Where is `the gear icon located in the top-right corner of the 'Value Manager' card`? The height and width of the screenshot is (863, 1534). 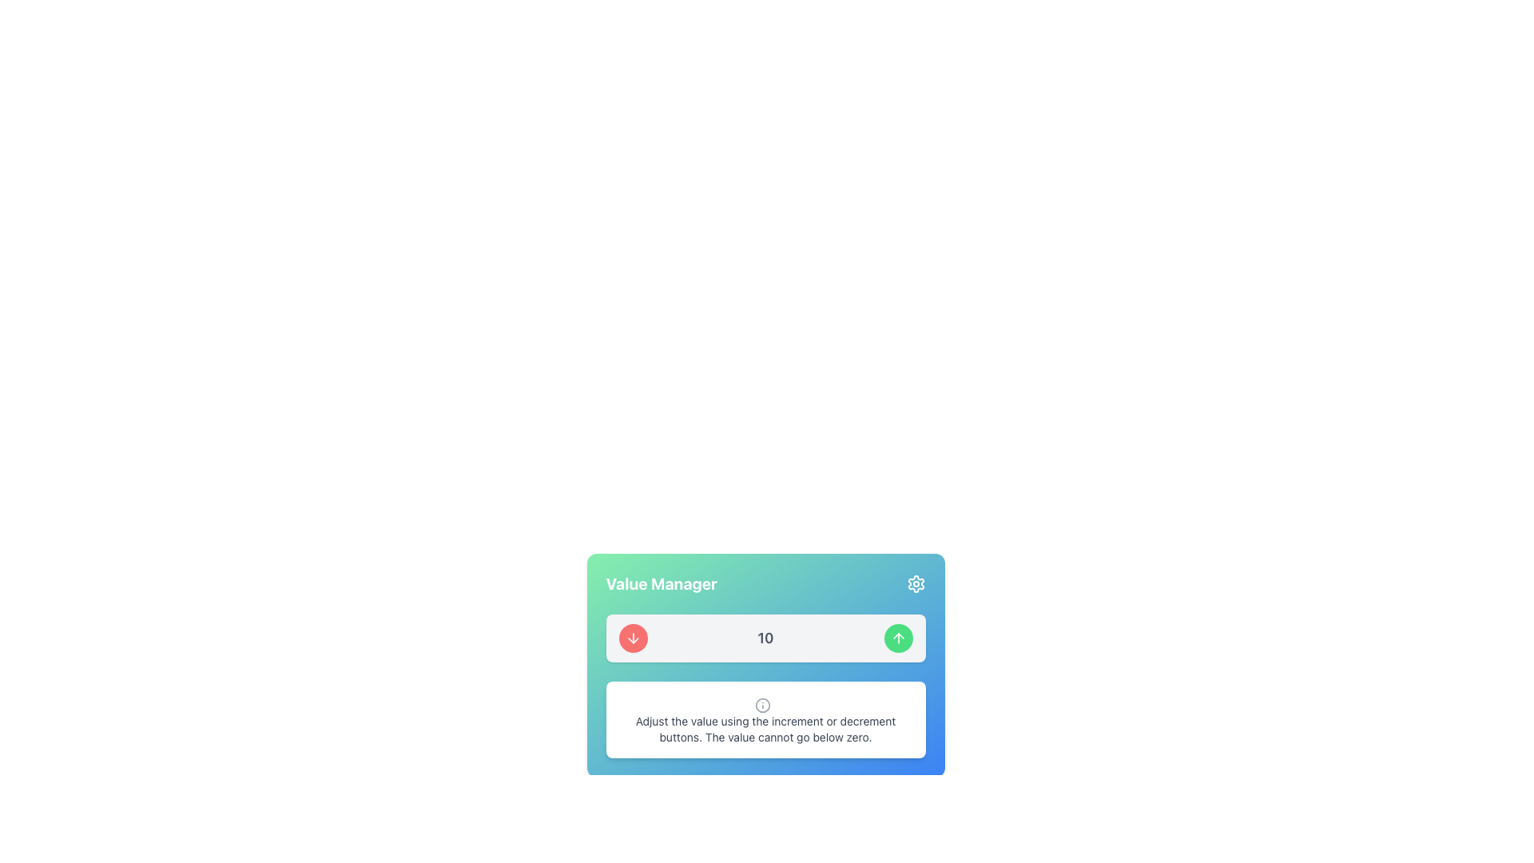
the gear icon located in the top-right corner of the 'Value Manager' card is located at coordinates (916, 584).